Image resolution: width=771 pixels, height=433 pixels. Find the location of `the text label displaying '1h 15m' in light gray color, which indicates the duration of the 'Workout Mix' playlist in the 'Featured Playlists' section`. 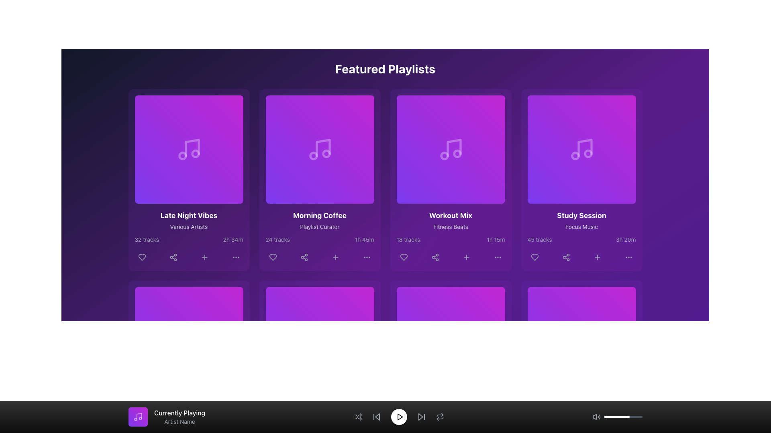

the text label displaying '1h 15m' in light gray color, which indicates the duration of the 'Workout Mix' playlist in the 'Featured Playlists' section is located at coordinates (495, 239).